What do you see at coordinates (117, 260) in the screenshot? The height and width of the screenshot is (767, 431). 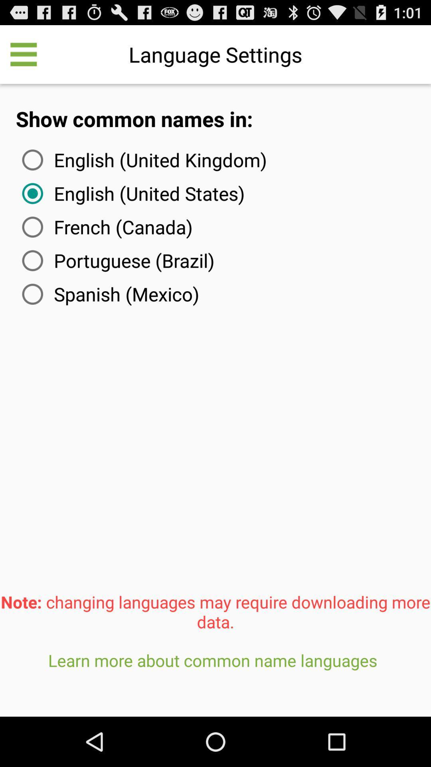 I see `item below french (canada) icon` at bounding box center [117, 260].